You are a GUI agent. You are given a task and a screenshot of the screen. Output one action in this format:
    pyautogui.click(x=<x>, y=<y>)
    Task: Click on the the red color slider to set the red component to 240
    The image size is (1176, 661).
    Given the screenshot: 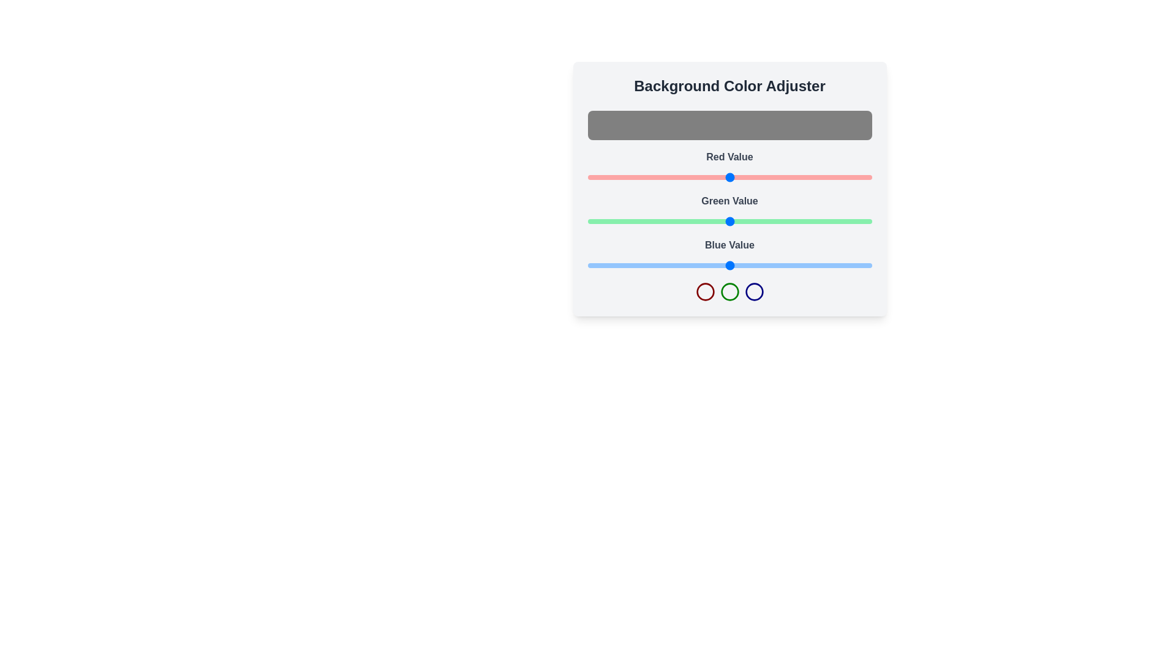 What is the action you would take?
    pyautogui.click(x=854, y=177)
    